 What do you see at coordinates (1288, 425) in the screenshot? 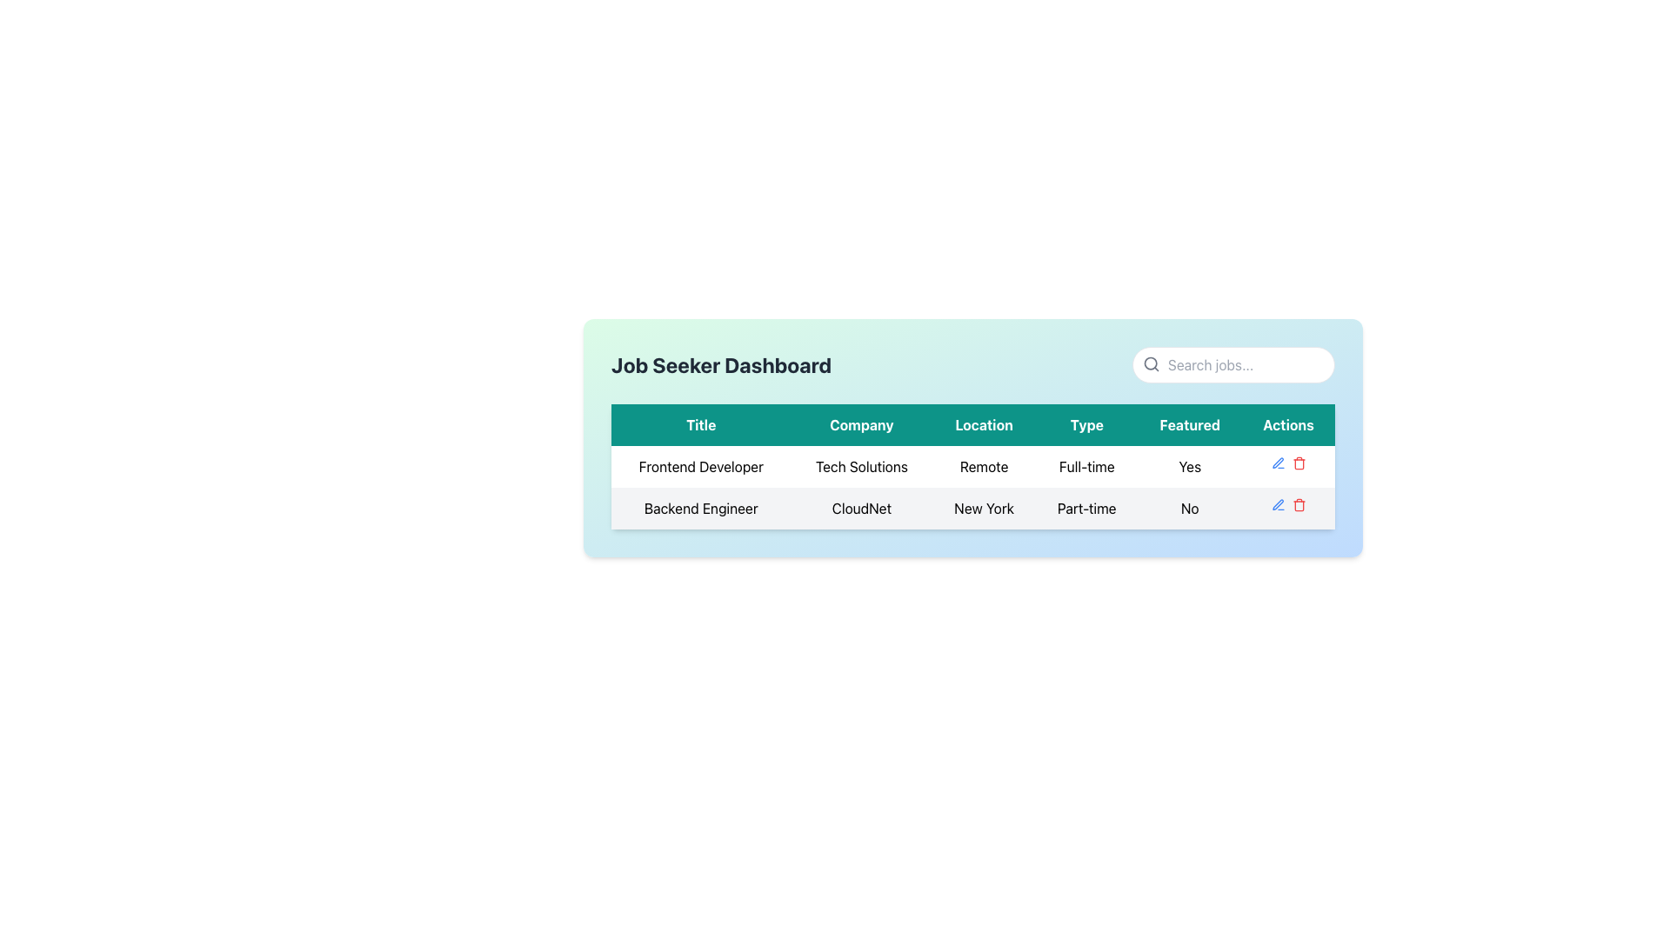
I see `the 'Actions' label header, which has a teal background and white text, located at the far-right end of the header row in the table` at bounding box center [1288, 425].